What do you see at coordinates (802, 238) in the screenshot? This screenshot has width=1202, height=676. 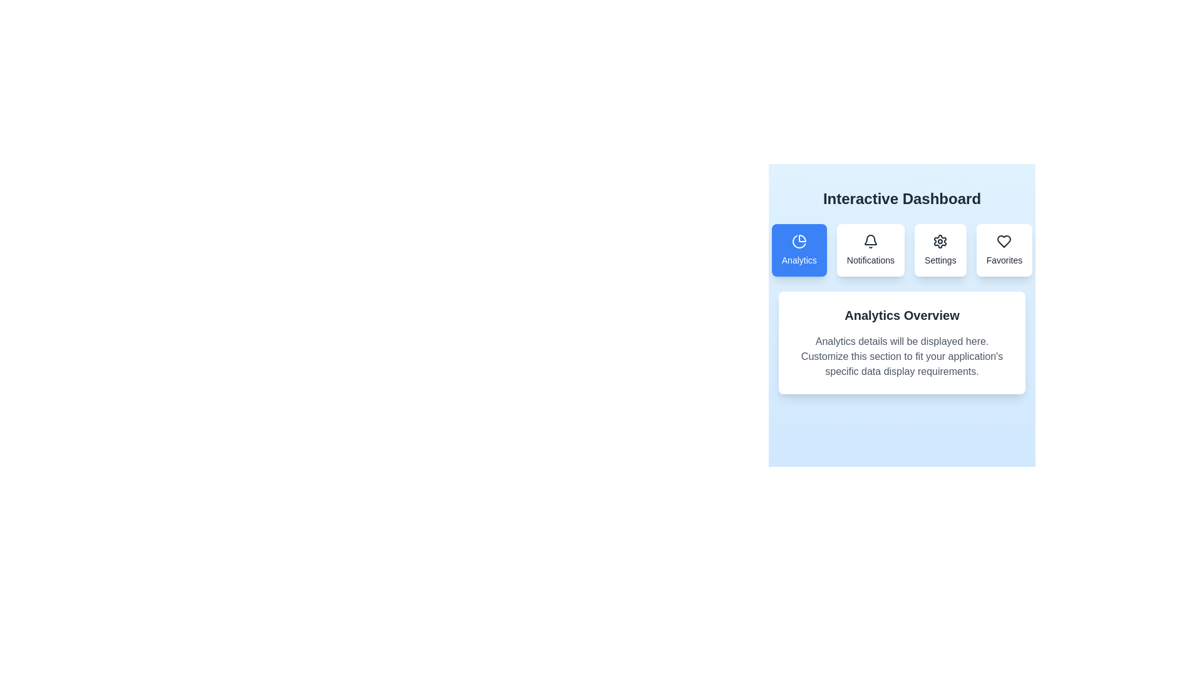 I see `the pie chart icon representing analytics, located on the top-left corner of the dashboard interface, which is part of the 'Analytics' button` at bounding box center [802, 238].